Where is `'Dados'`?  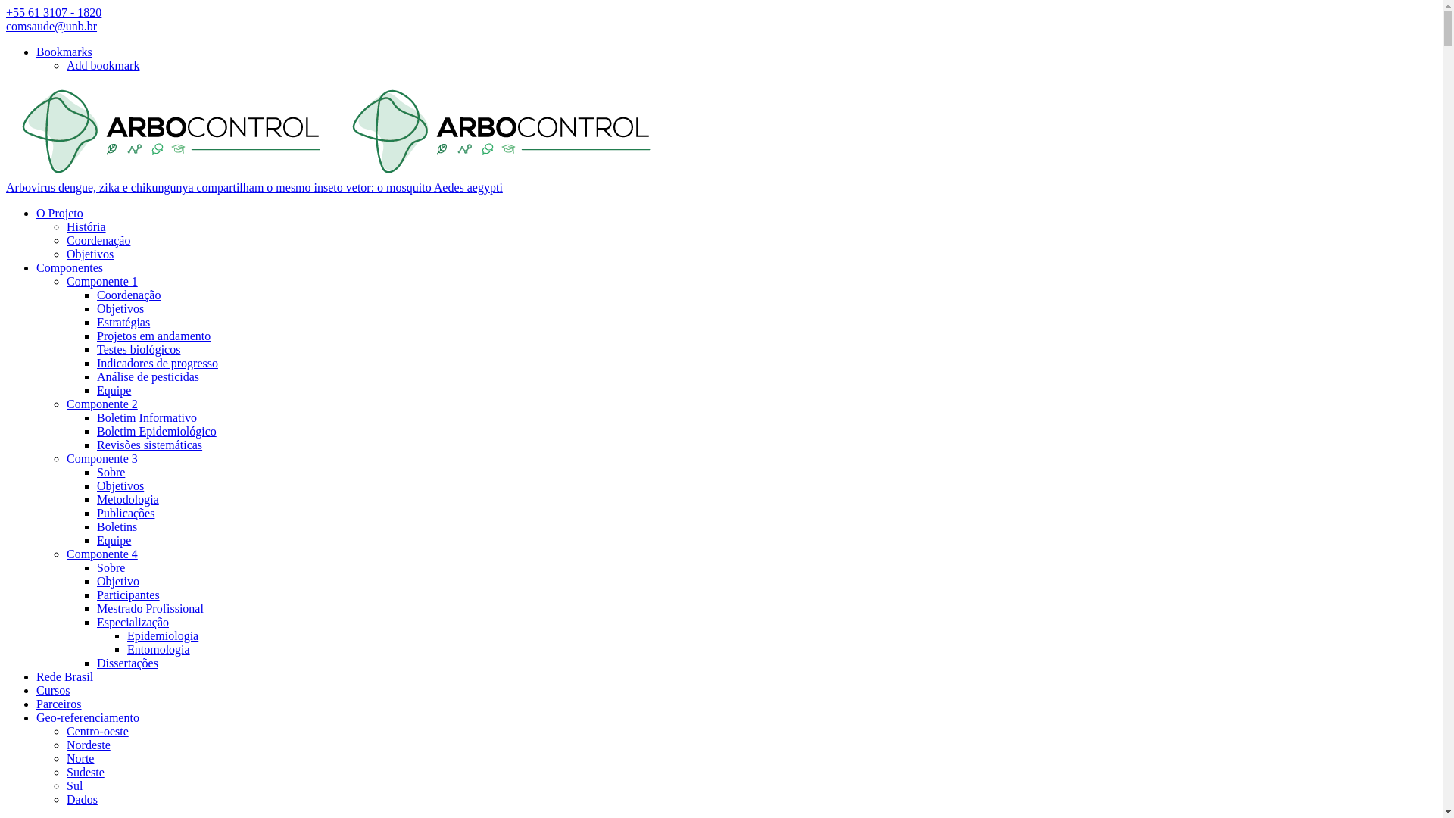 'Dados' is located at coordinates (65, 798).